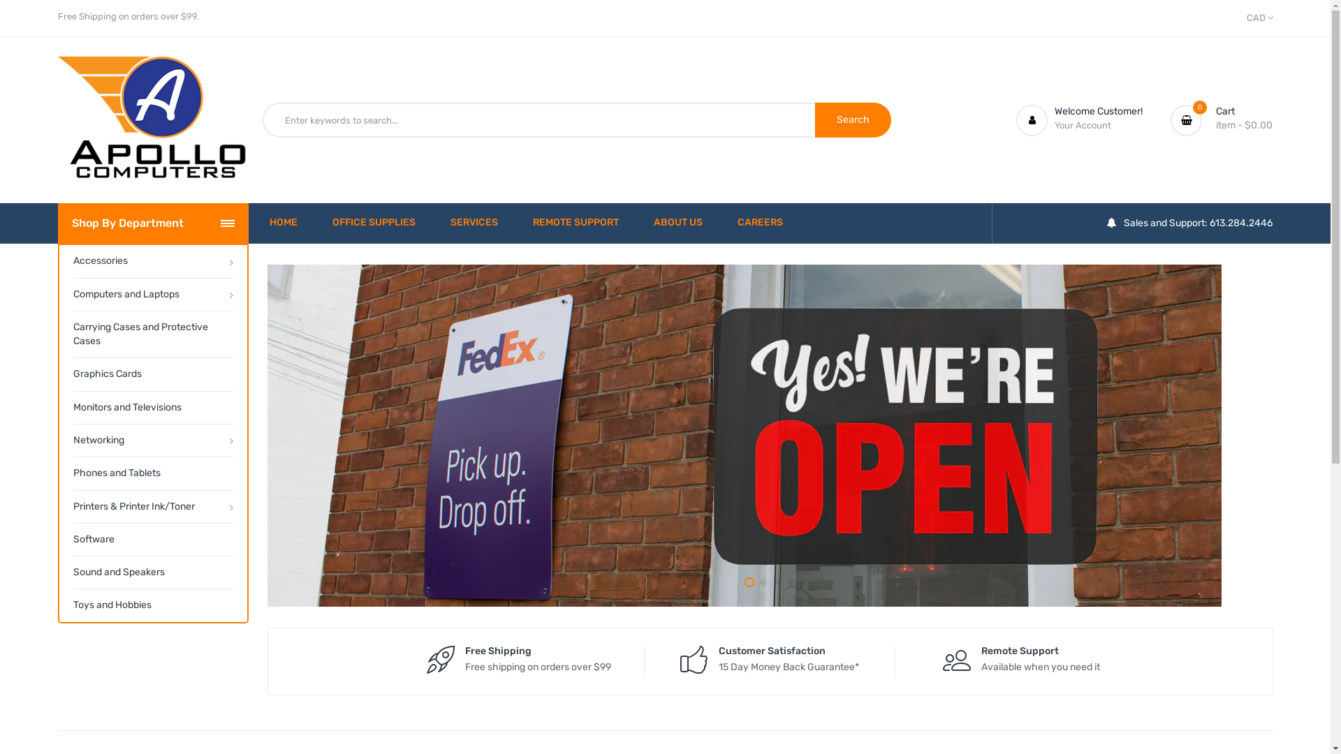 This screenshot has height=754, width=1341. Describe the element at coordinates (152, 572) in the screenshot. I see `'Sound and Speakers'` at that location.